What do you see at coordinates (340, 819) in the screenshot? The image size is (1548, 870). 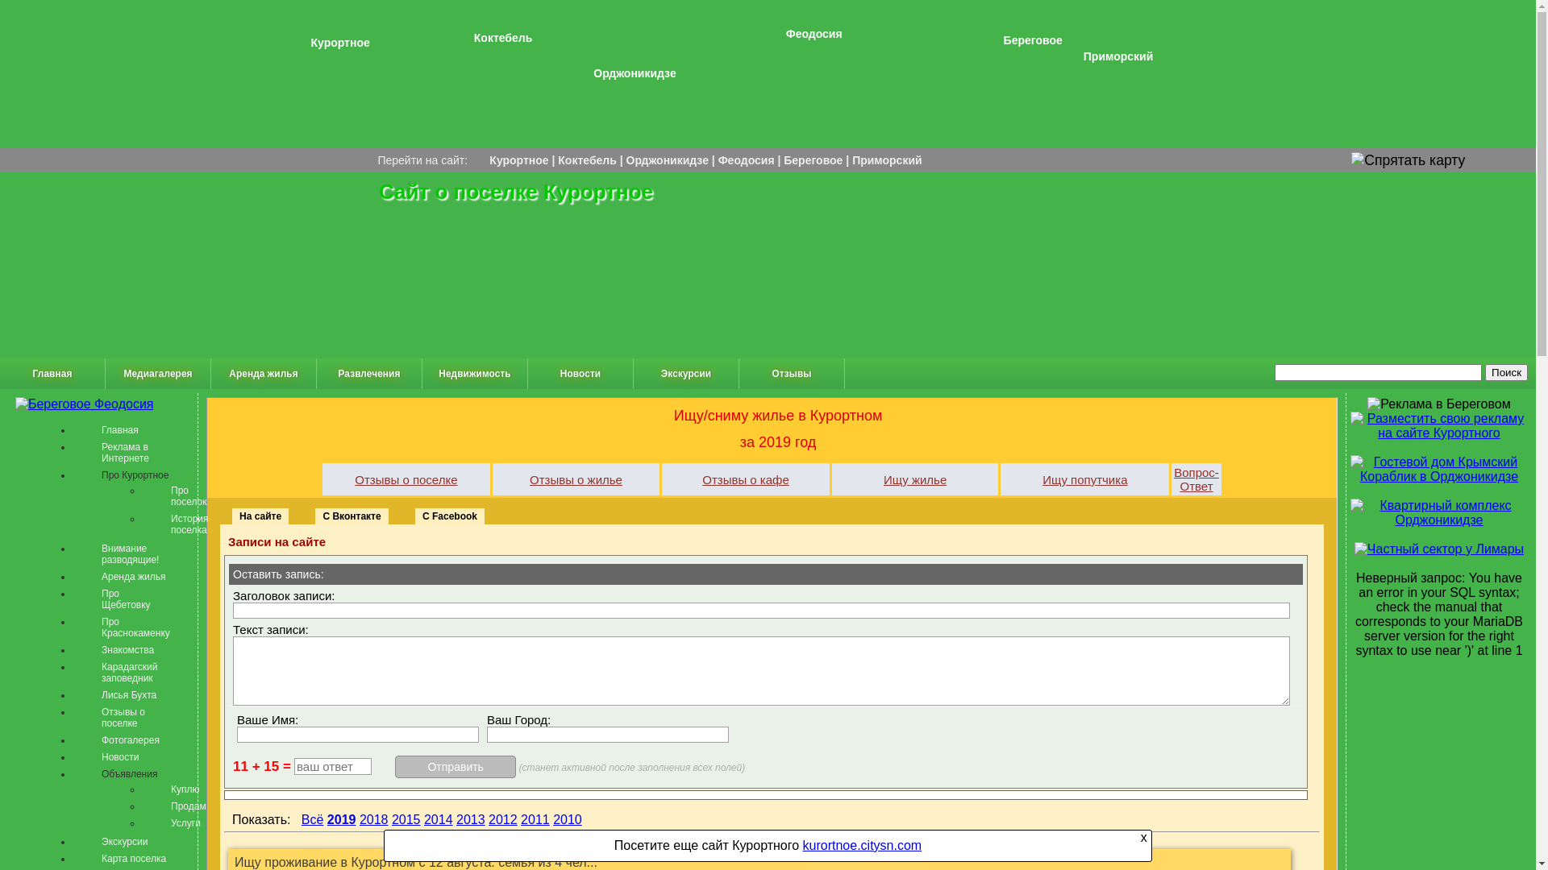 I see `'2019'` at bounding box center [340, 819].